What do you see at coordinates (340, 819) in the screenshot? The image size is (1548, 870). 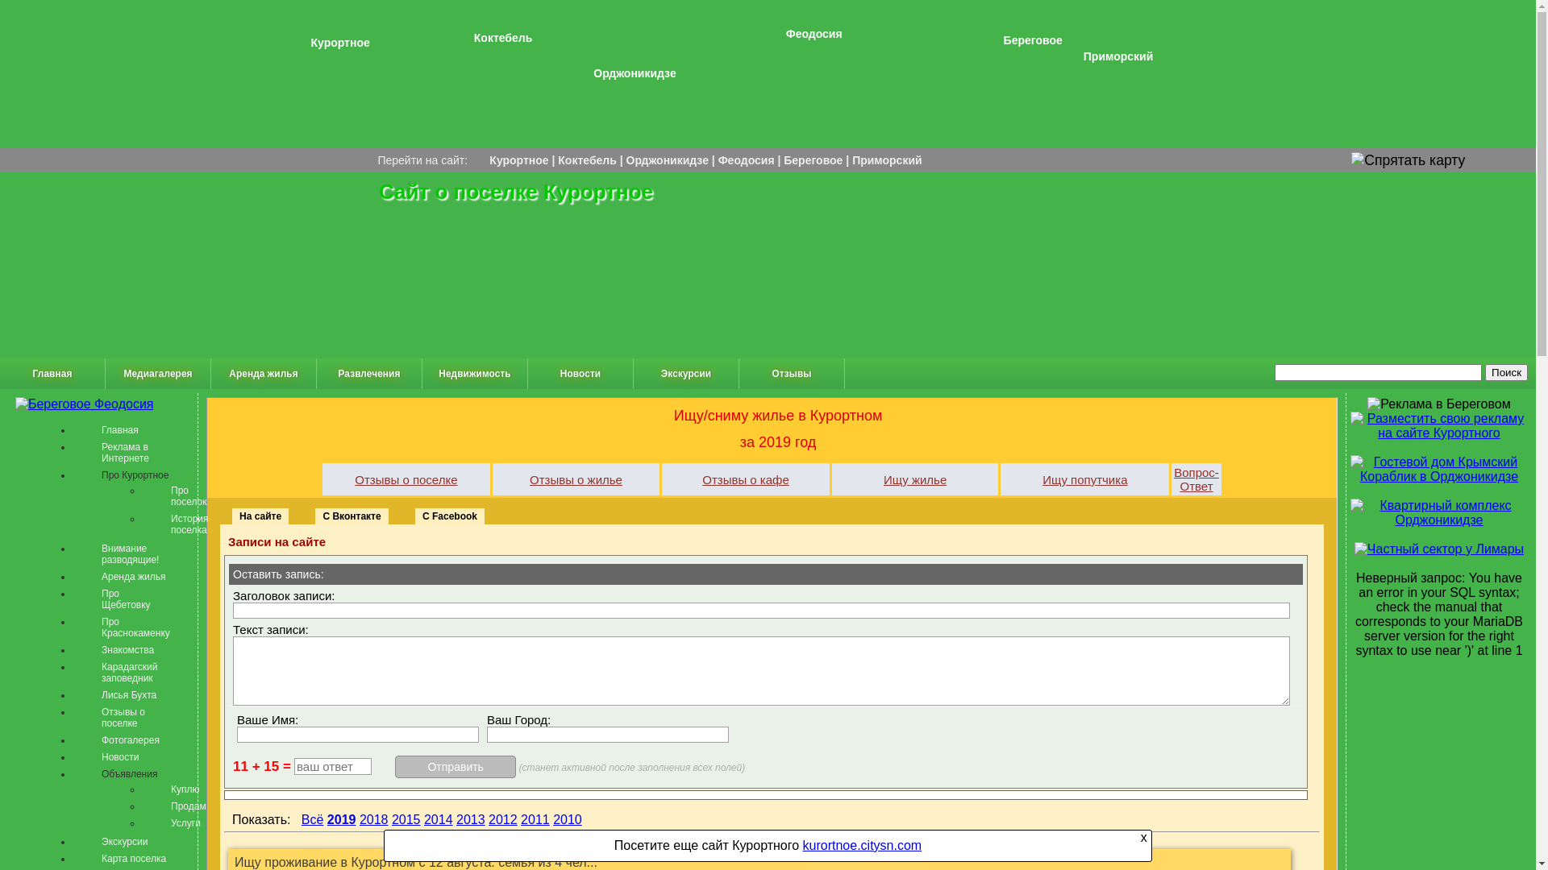 I see `'2019'` at bounding box center [340, 819].